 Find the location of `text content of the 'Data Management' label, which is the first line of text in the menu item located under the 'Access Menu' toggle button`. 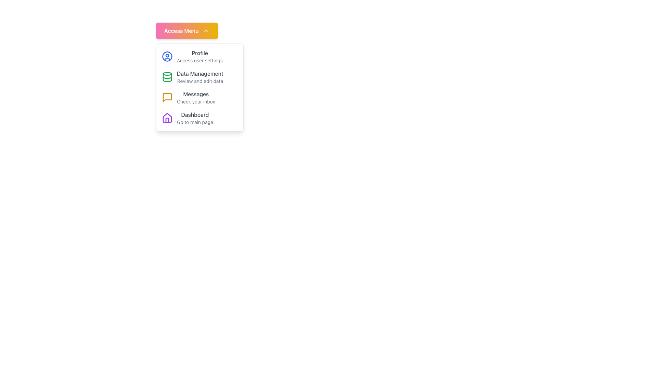

text content of the 'Data Management' label, which is the first line of text in the menu item located under the 'Access Menu' toggle button is located at coordinates (199, 74).